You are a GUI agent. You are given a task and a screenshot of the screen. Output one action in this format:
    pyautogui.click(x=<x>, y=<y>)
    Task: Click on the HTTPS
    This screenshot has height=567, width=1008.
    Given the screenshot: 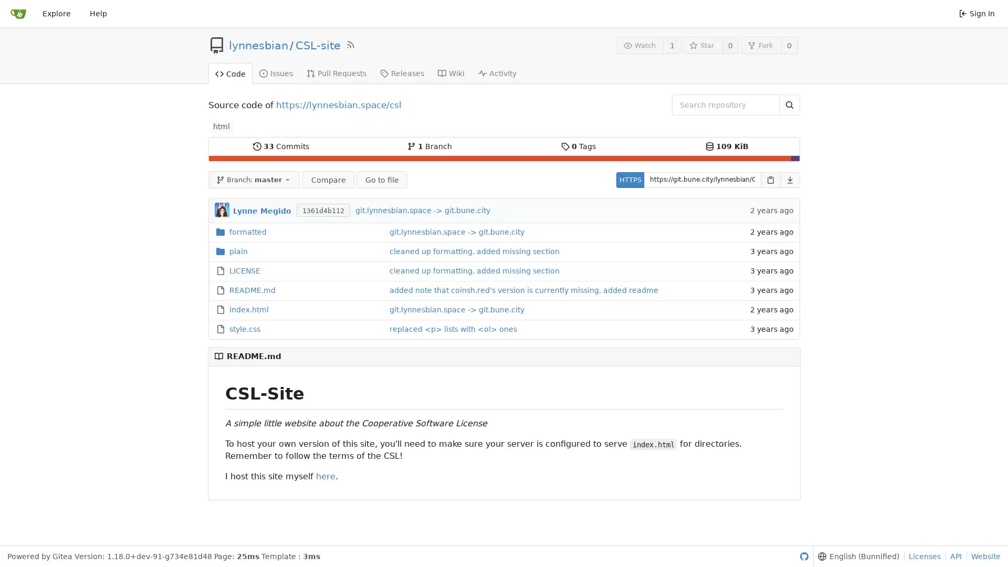 What is the action you would take?
    pyautogui.click(x=629, y=179)
    